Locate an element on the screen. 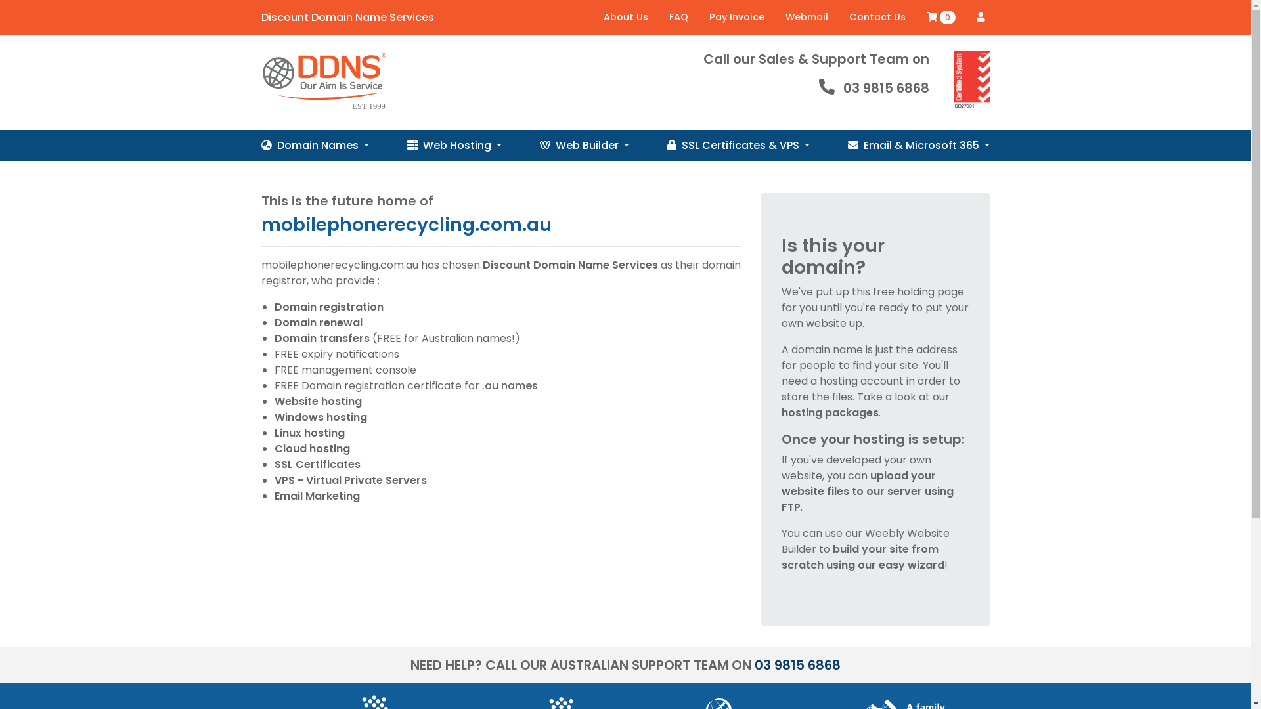  'Cloud hosting' is located at coordinates (311, 448).